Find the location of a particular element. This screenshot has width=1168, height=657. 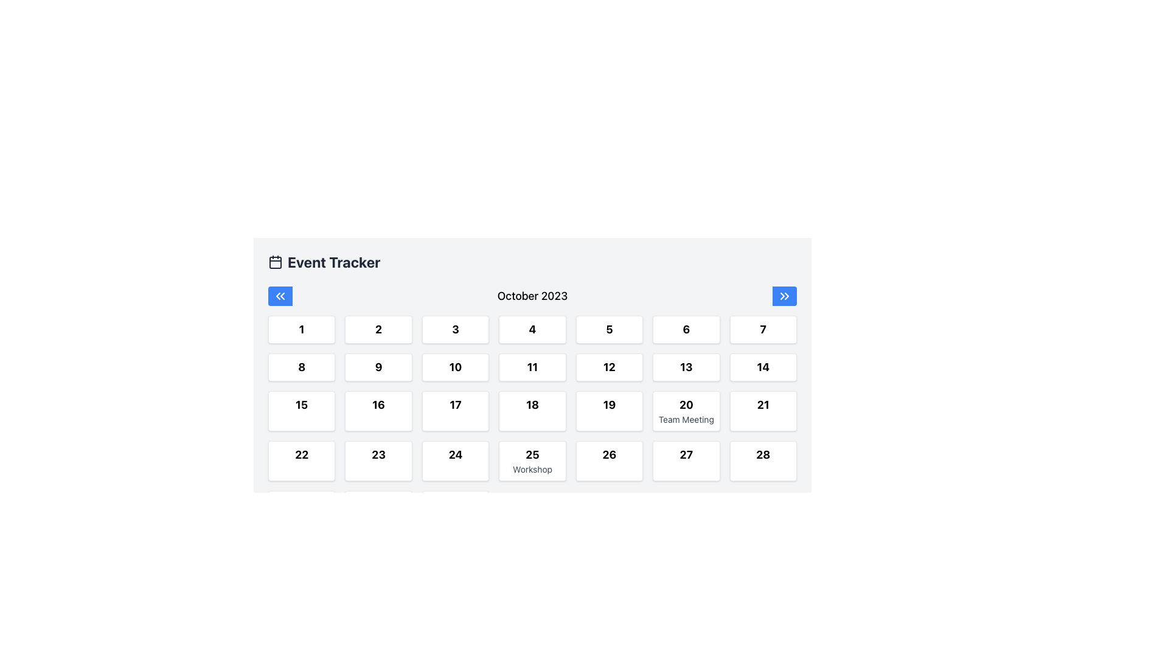

the Text Label representing the day of the month (11) in the calendar interface is located at coordinates (532, 367).